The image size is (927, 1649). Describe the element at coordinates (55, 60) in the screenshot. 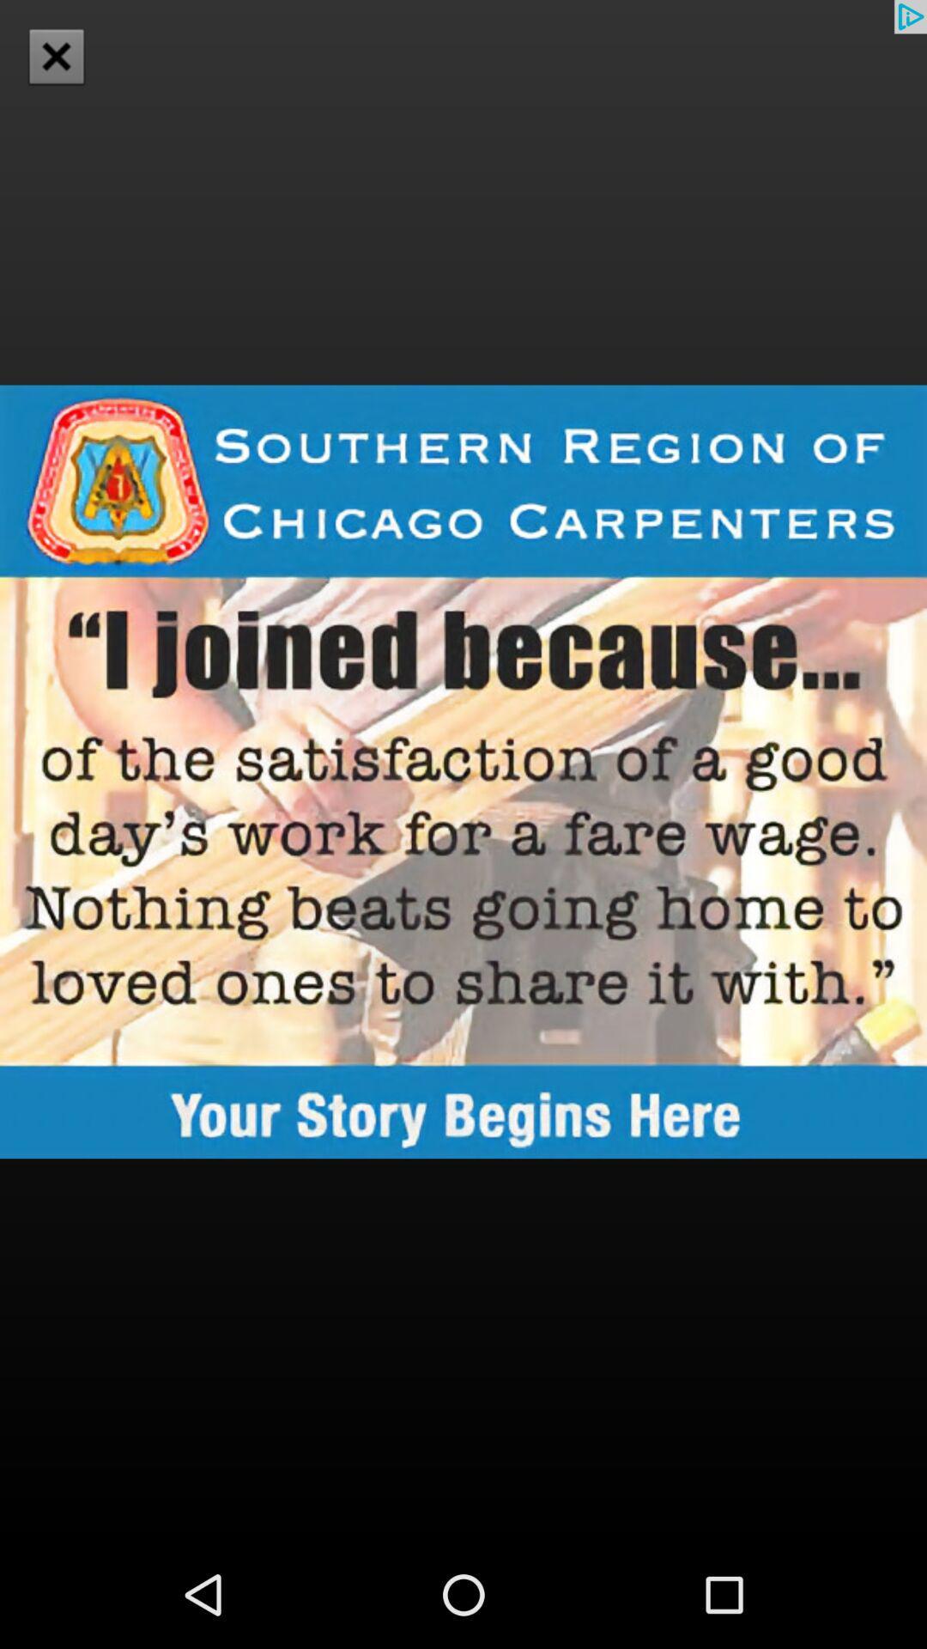

I see `the close icon` at that location.